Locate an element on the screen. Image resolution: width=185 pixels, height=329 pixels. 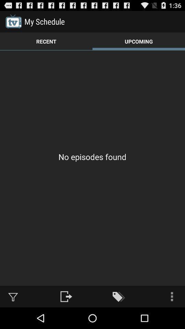
the app above no episodes found app is located at coordinates (46, 41).